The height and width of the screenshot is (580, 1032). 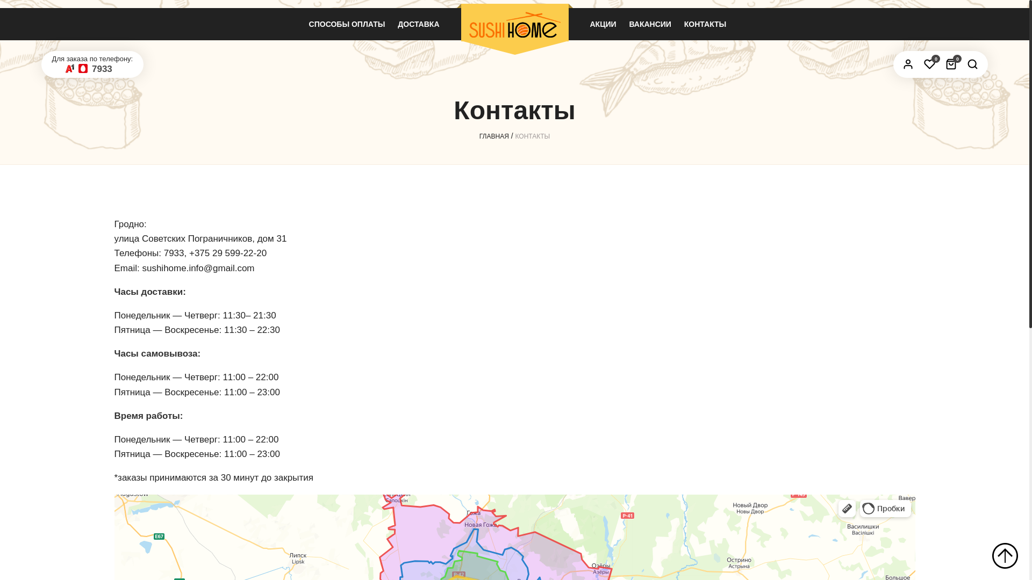 I want to click on '0', so click(x=929, y=64).